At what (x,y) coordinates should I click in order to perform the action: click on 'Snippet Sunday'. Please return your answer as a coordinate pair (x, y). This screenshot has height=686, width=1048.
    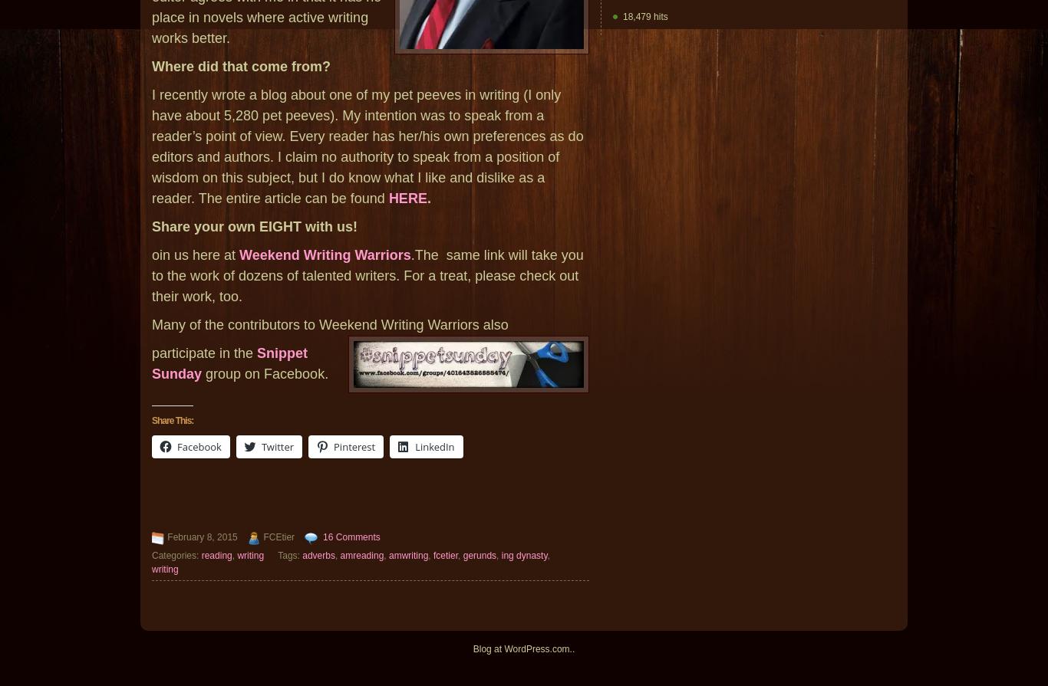
    Looking at the image, I should click on (229, 363).